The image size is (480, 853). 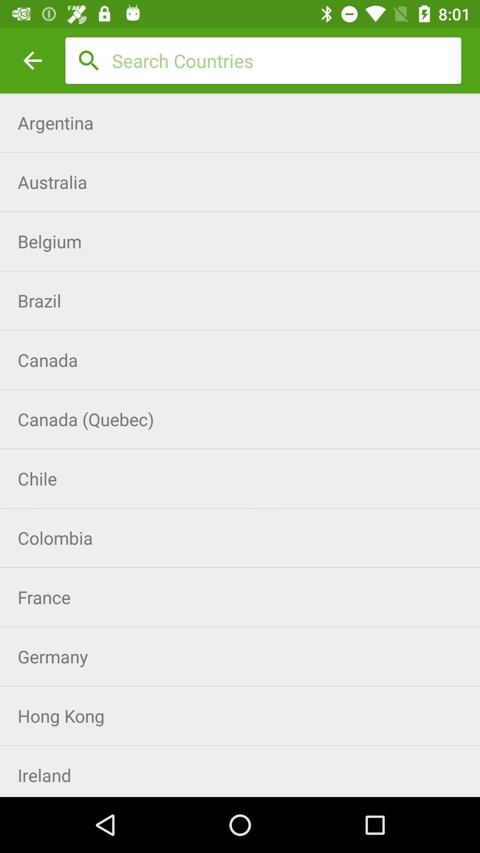 What do you see at coordinates (240, 597) in the screenshot?
I see `the icon below colombia item` at bounding box center [240, 597].